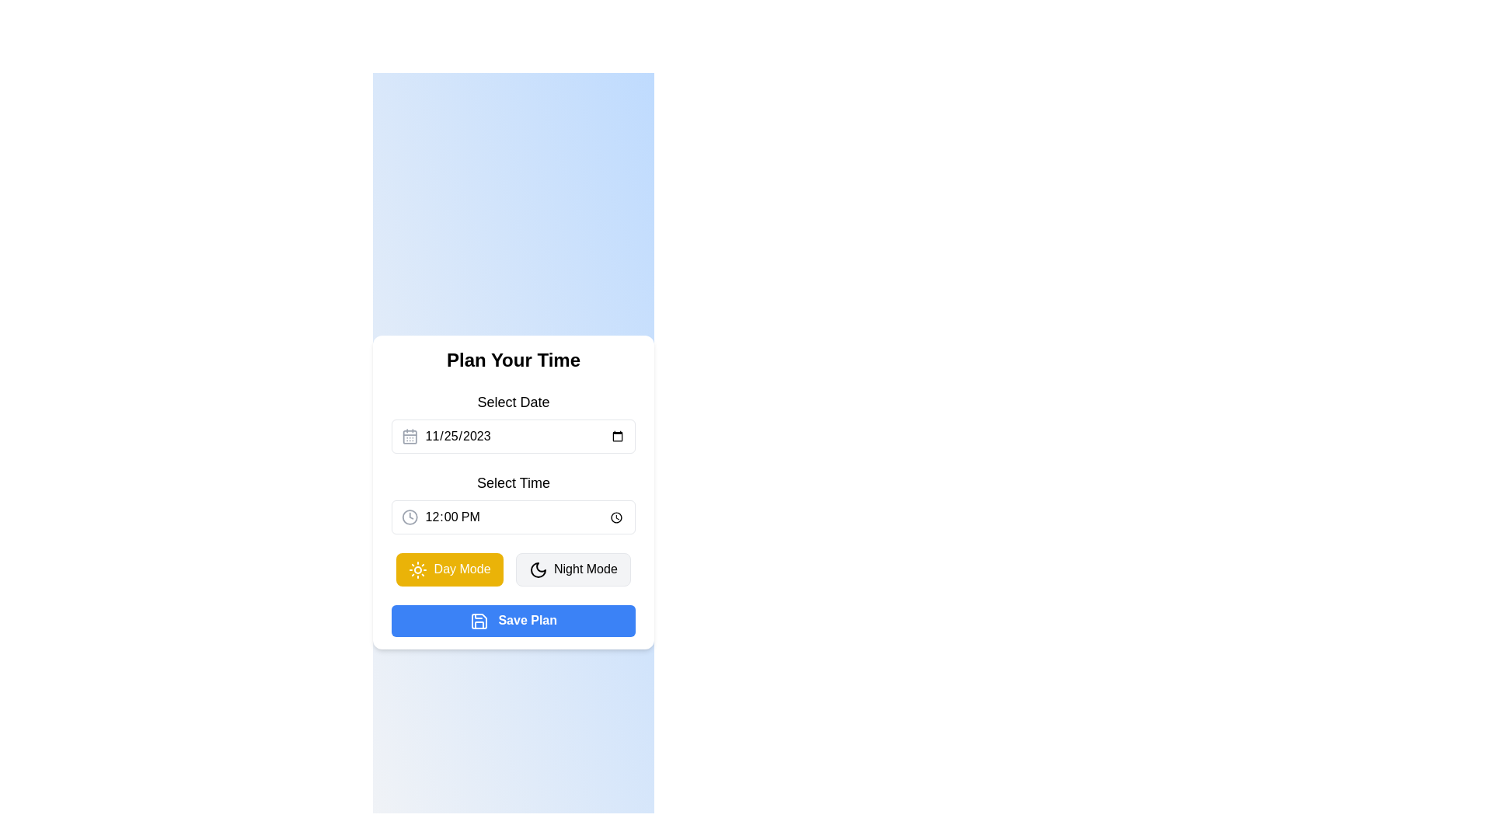  I want to click on the text label that says 'Select Time', which is prominently positioned above the time selection field and below the 'Select Date' label, so click(514, 482).